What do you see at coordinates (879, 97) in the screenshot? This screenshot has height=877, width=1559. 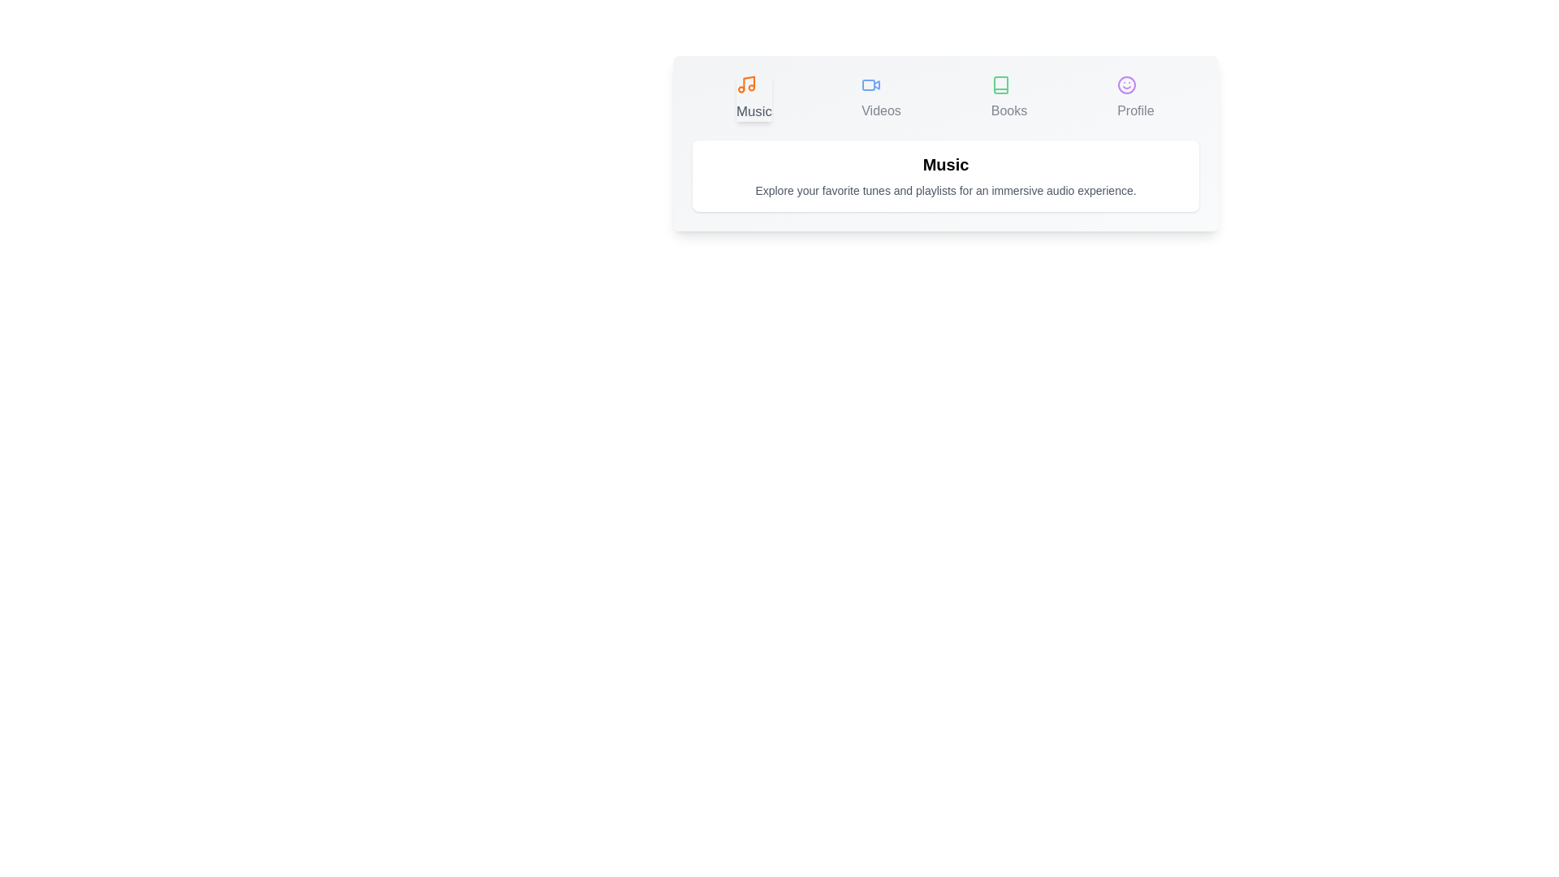 I see `the Videos tab` at bounding box center [879, 97].